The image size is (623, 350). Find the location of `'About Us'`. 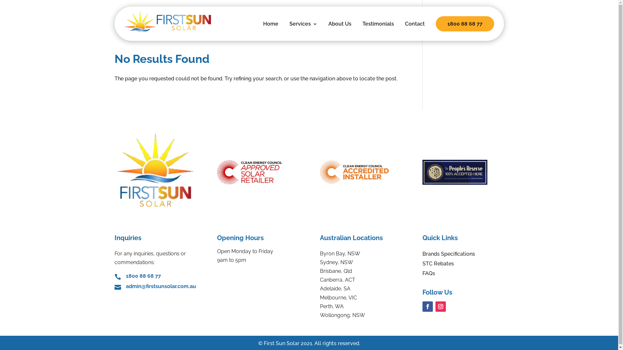

'About Us' is located at coordinates (339, 28).